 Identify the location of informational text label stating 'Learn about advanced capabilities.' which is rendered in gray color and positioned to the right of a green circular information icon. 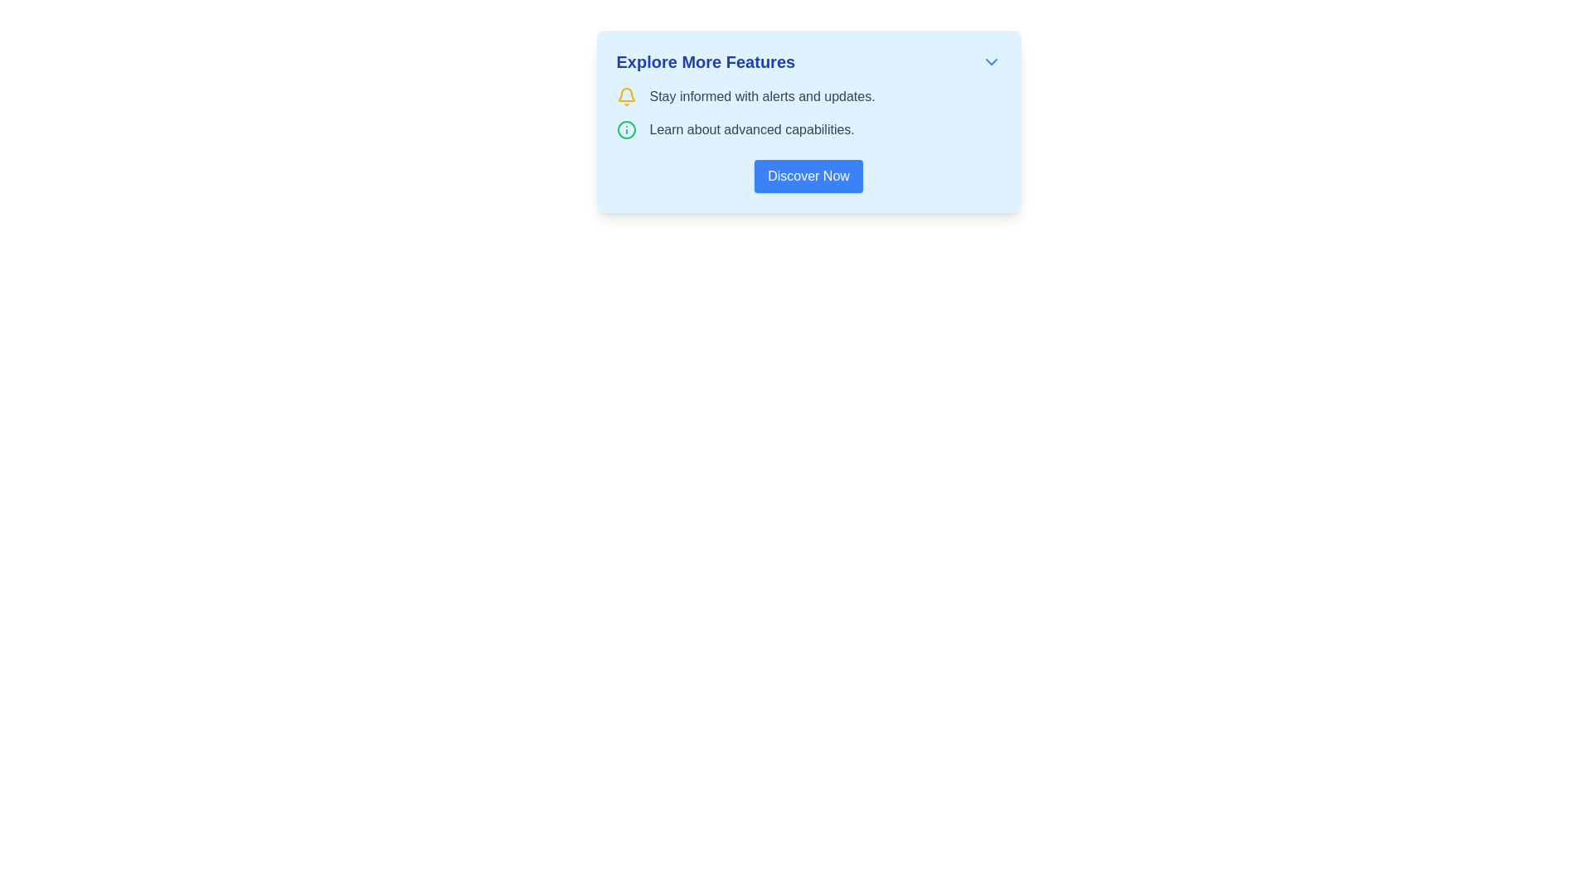
(751, 129).